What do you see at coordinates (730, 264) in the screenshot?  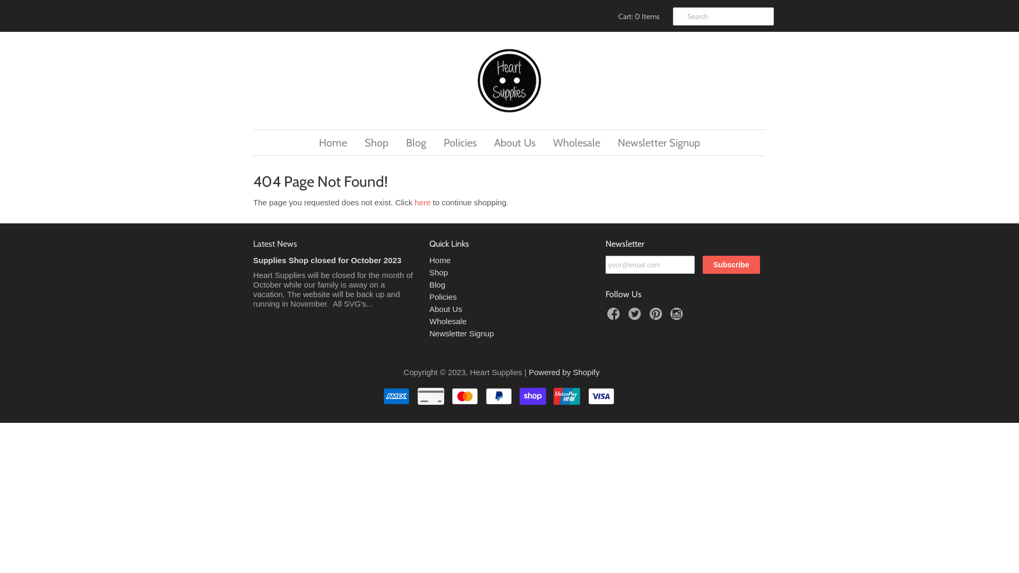 I see `'Subscribe'` at bounding box center [730, 264].